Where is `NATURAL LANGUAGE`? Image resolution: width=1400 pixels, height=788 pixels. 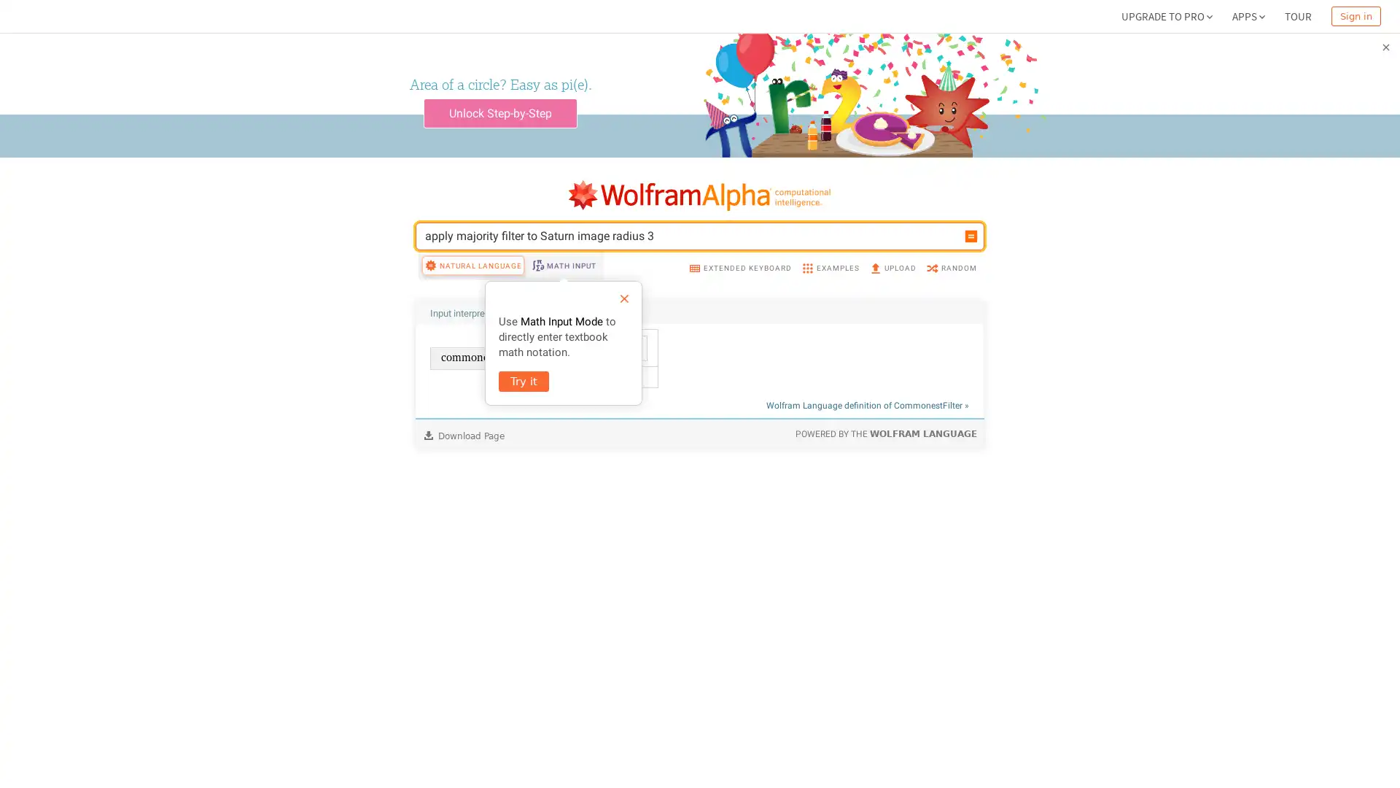 NATURAL LANGUAGE is located at coordinates (472, 293).